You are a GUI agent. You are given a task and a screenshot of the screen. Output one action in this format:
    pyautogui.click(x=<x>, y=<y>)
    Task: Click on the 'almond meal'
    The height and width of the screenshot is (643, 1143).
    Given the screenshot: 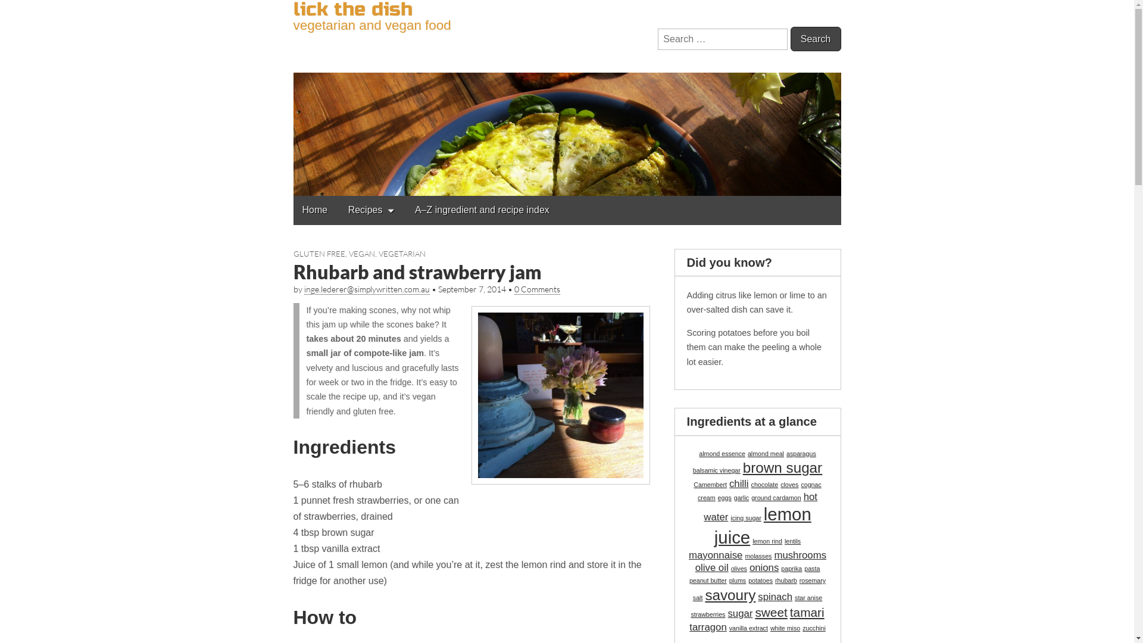 What is the action you would take?
    pyautogui.click(x=766, y=454)
    